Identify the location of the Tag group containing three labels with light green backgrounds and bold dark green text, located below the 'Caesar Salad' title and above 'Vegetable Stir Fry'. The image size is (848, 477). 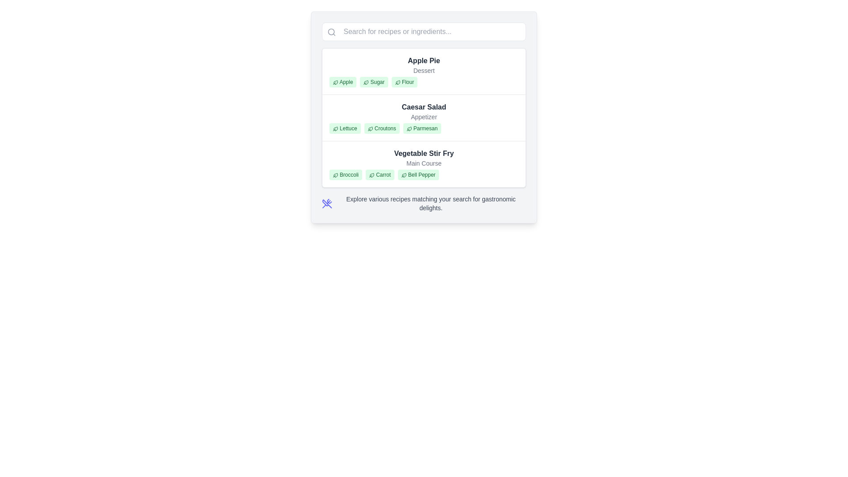
(424, 128).